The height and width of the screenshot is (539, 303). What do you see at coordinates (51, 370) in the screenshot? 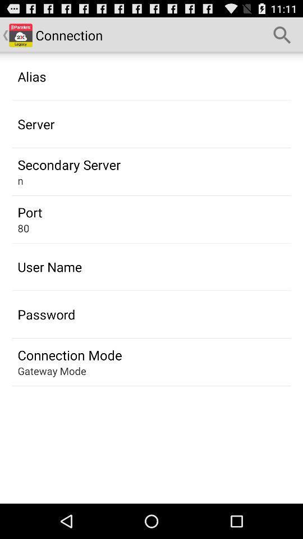
I see `gateway mode at the bottom left corner` at bounding box center [51, 370].